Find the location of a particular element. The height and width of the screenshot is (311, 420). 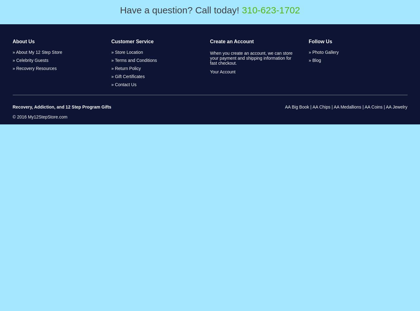

'Have a question? Call today!' is located at coordinates (181, 10).